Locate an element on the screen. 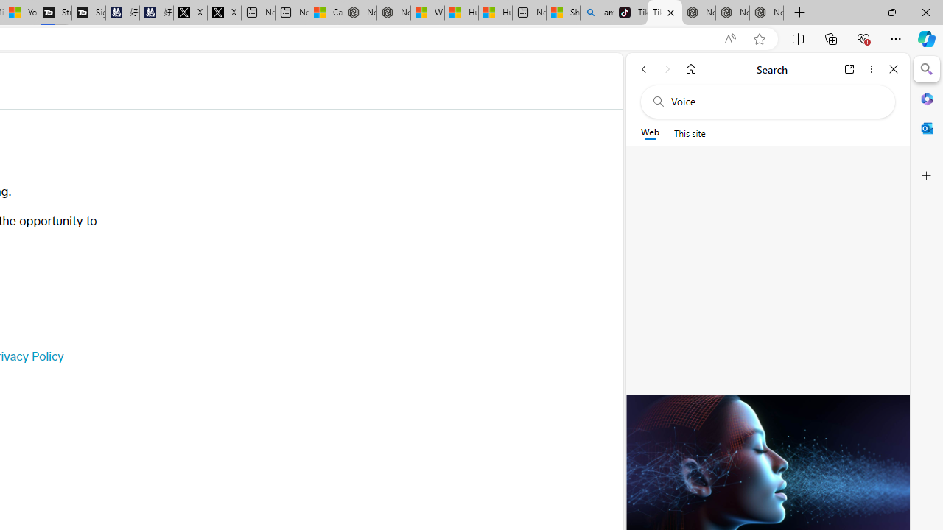  'This site scope' is located at coordinates (689, 132).